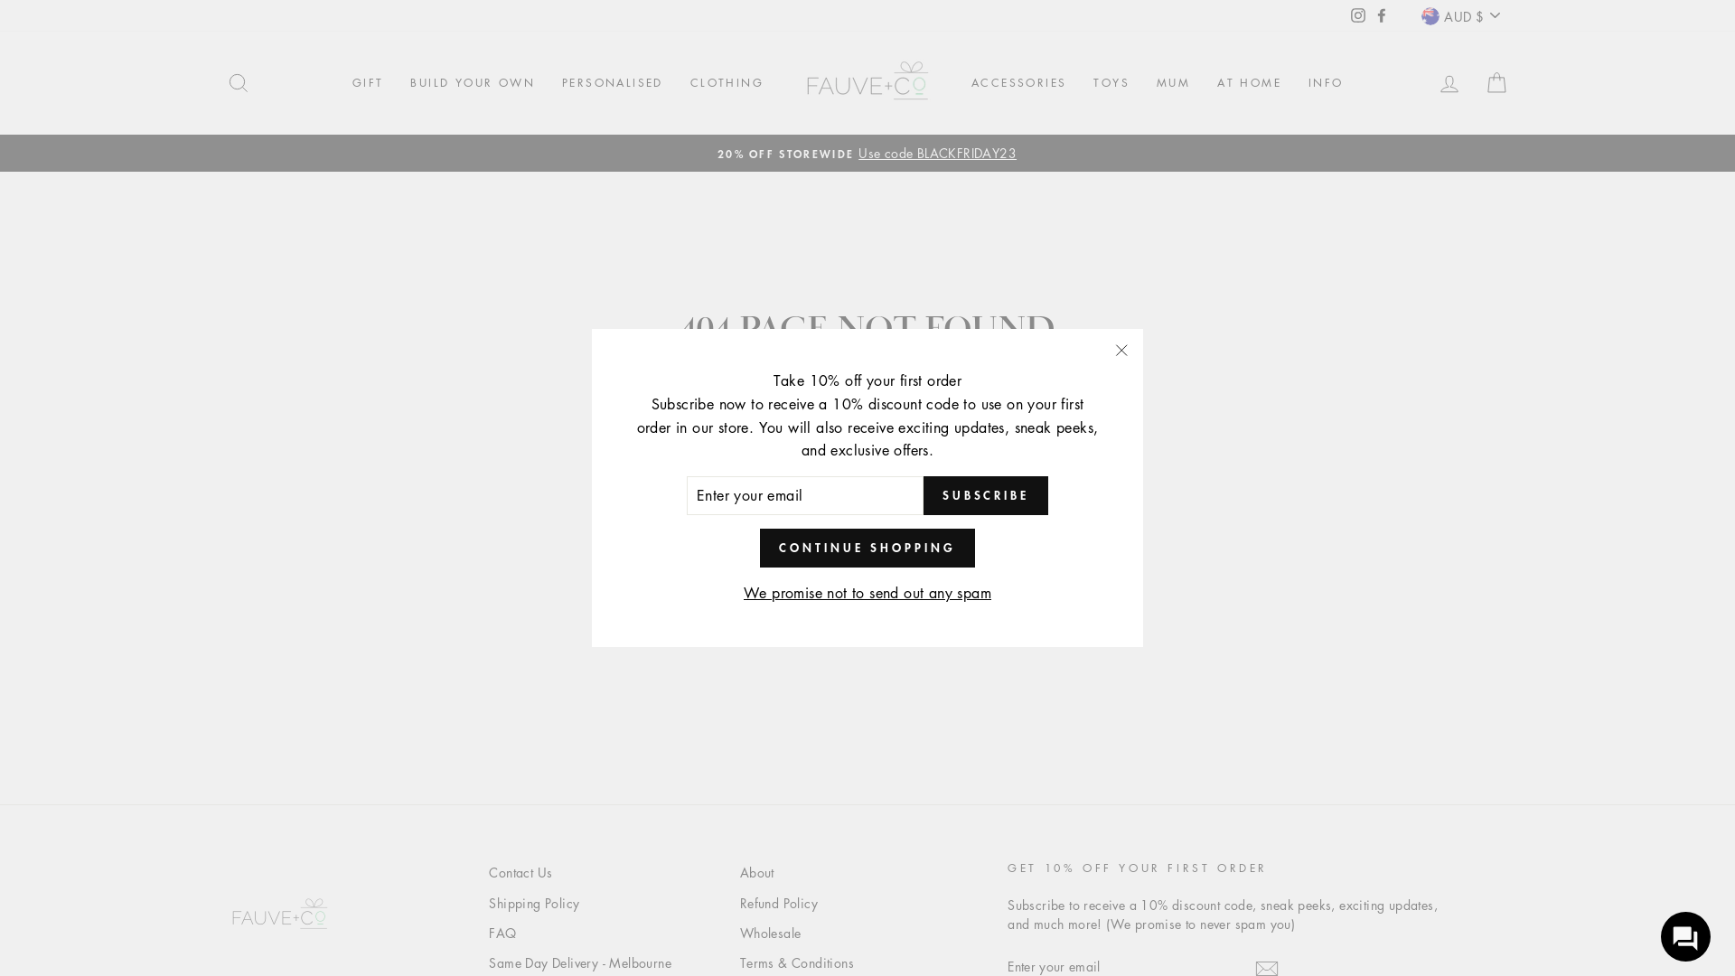  What do you see at coordinates (740, 934) in the screenshot?
I see `'Wholesale'` at bounding box center [740, 934].